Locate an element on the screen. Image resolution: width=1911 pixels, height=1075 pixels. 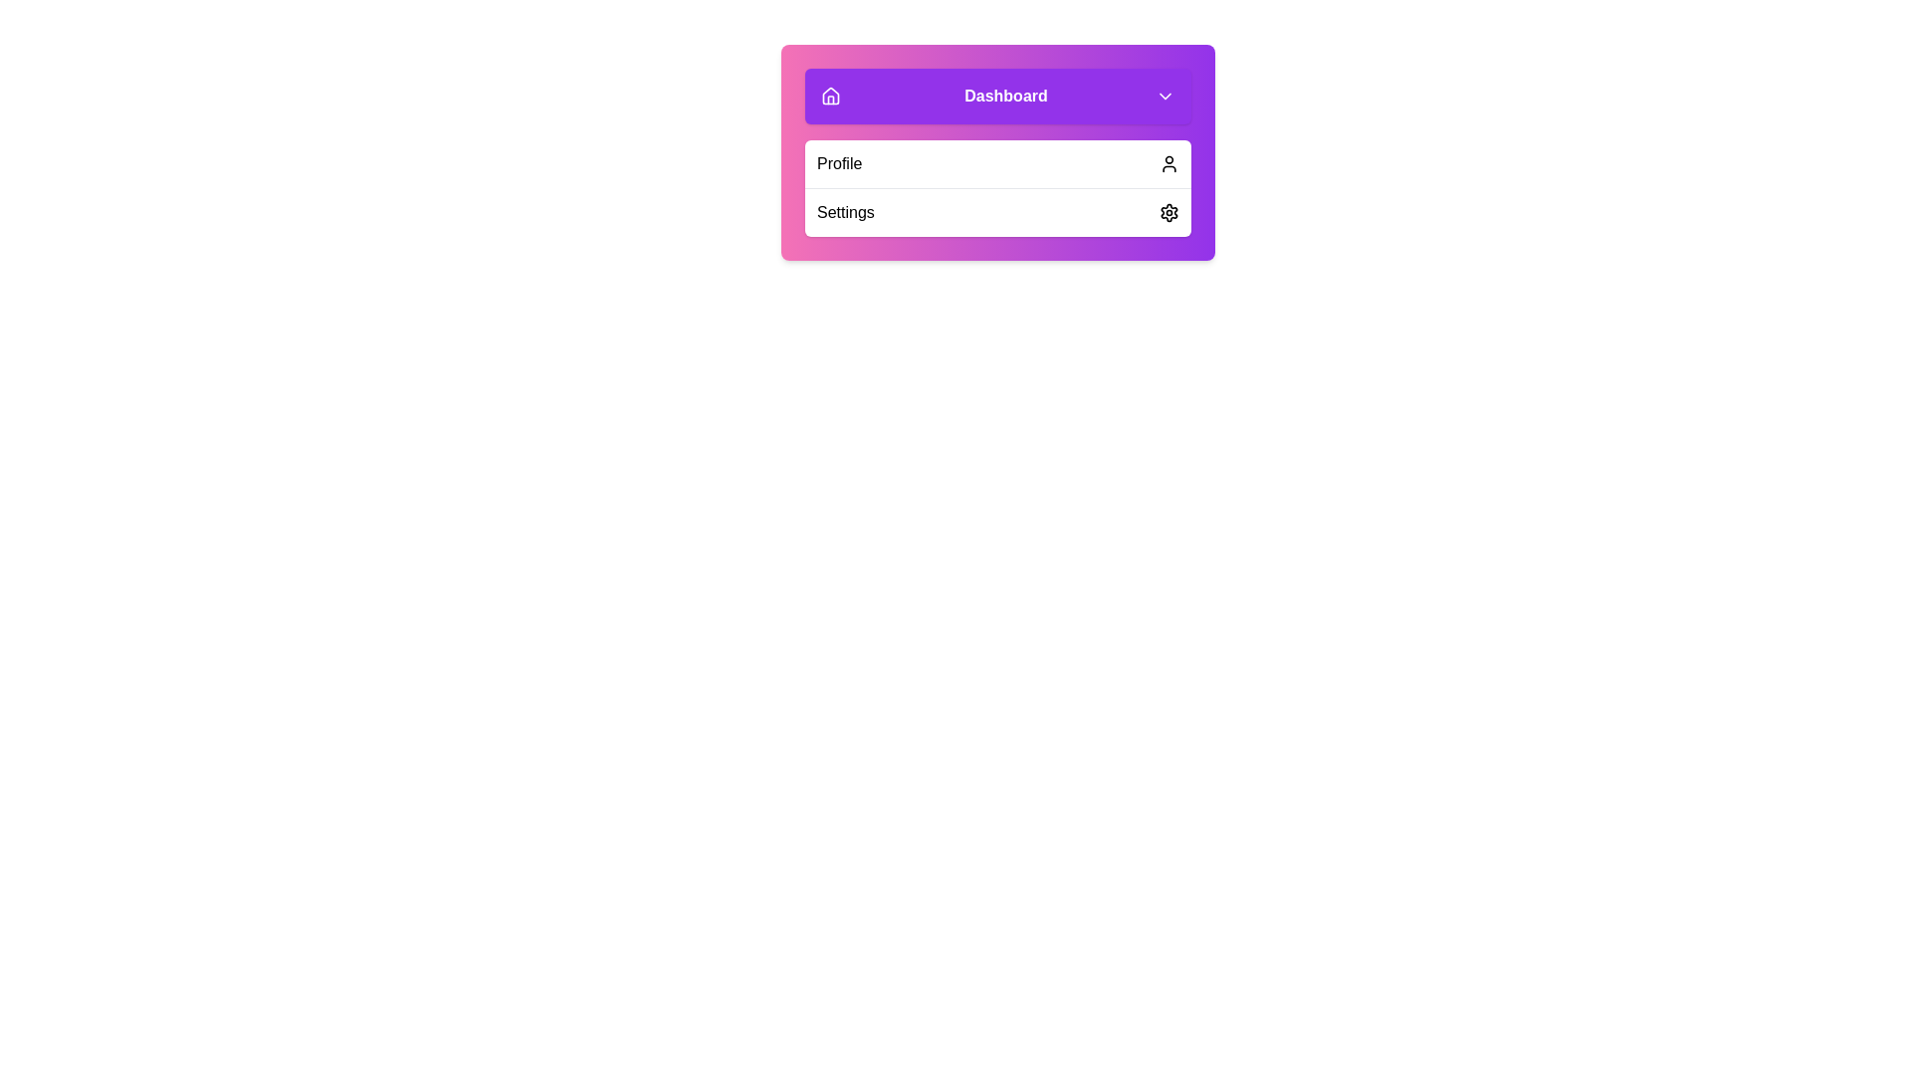
the 'Profile' menu item in the DynamicMenu is located at coordinates (998, 163).